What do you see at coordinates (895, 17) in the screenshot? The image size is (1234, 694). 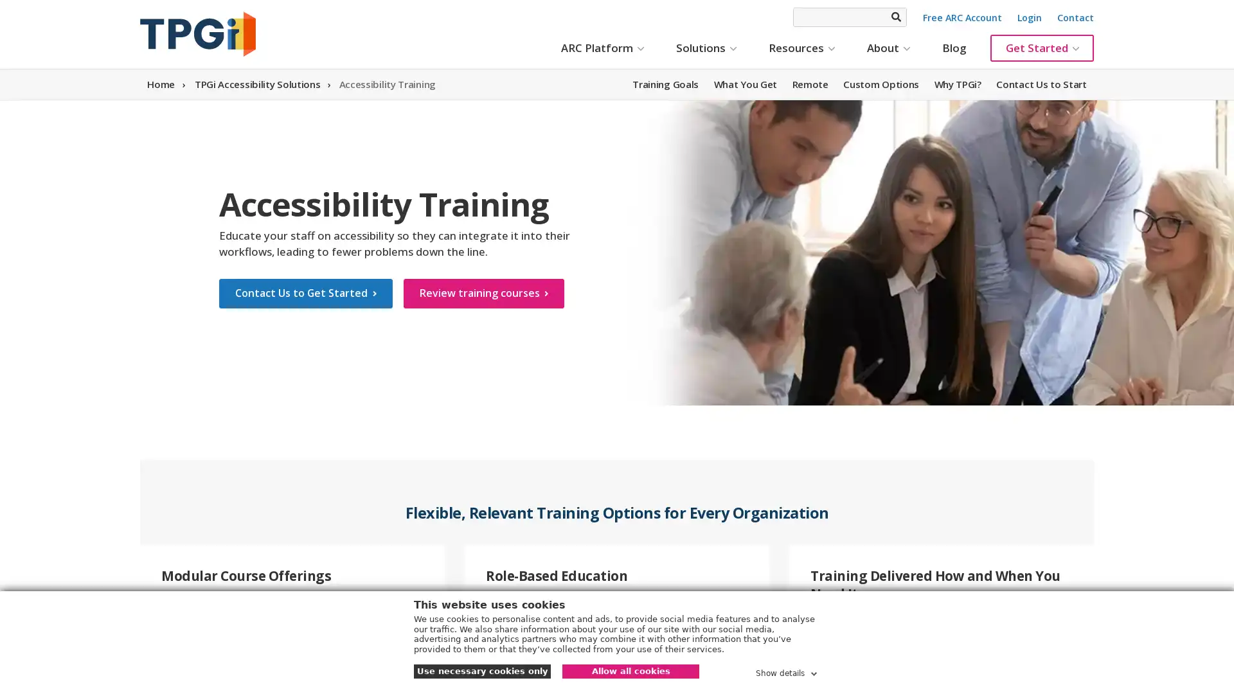 I see `Submit Search` at bounding box center [895, 17].